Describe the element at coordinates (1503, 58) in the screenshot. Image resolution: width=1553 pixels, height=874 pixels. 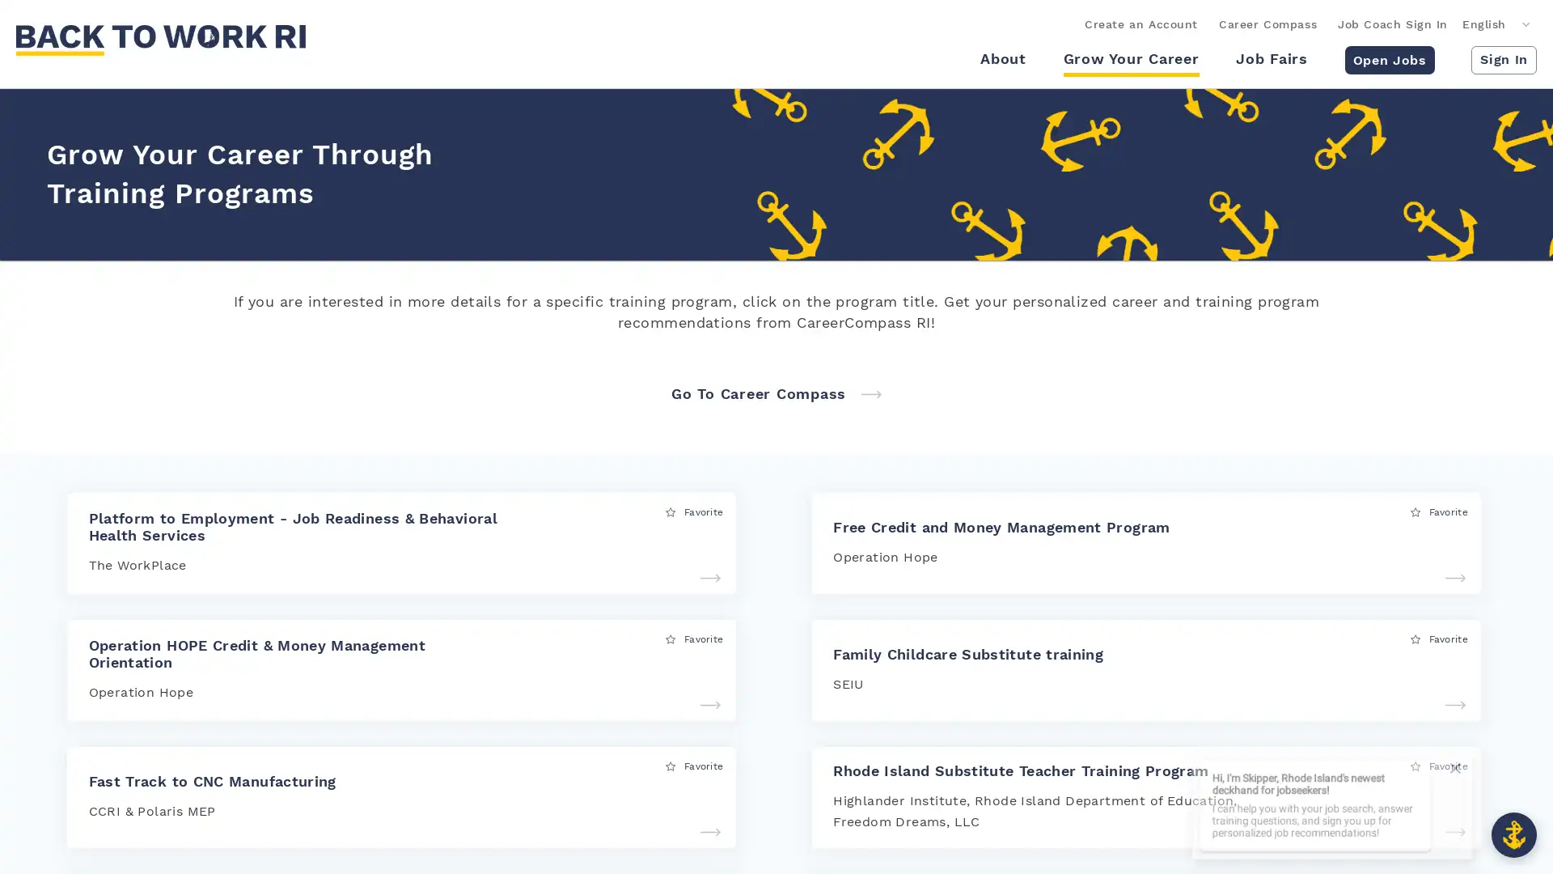
I see `Sign In` at that location.